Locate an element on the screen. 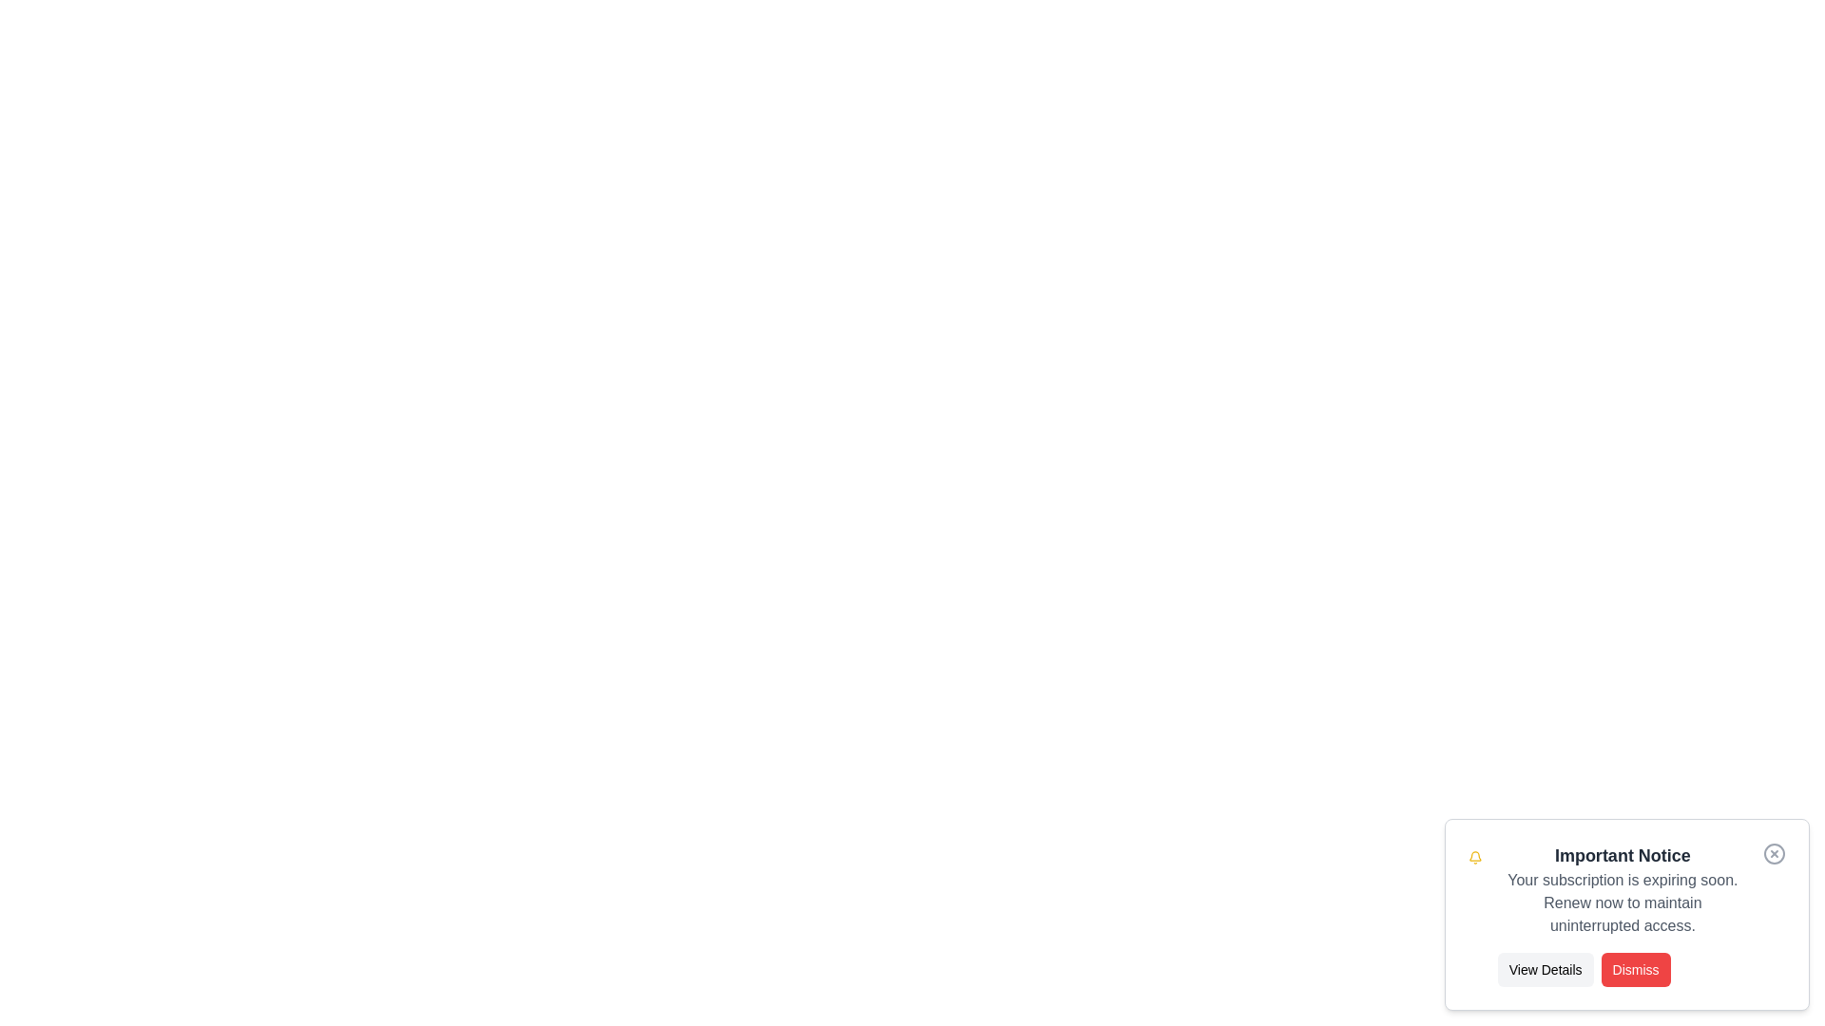 The image size is (1825, 1026). the 'Dismiss' button, which is a rectangular button with white text on a red background, located at the bottom of a notification card adjacent to the 'View Details' button is located at coordinates (1622, 970).